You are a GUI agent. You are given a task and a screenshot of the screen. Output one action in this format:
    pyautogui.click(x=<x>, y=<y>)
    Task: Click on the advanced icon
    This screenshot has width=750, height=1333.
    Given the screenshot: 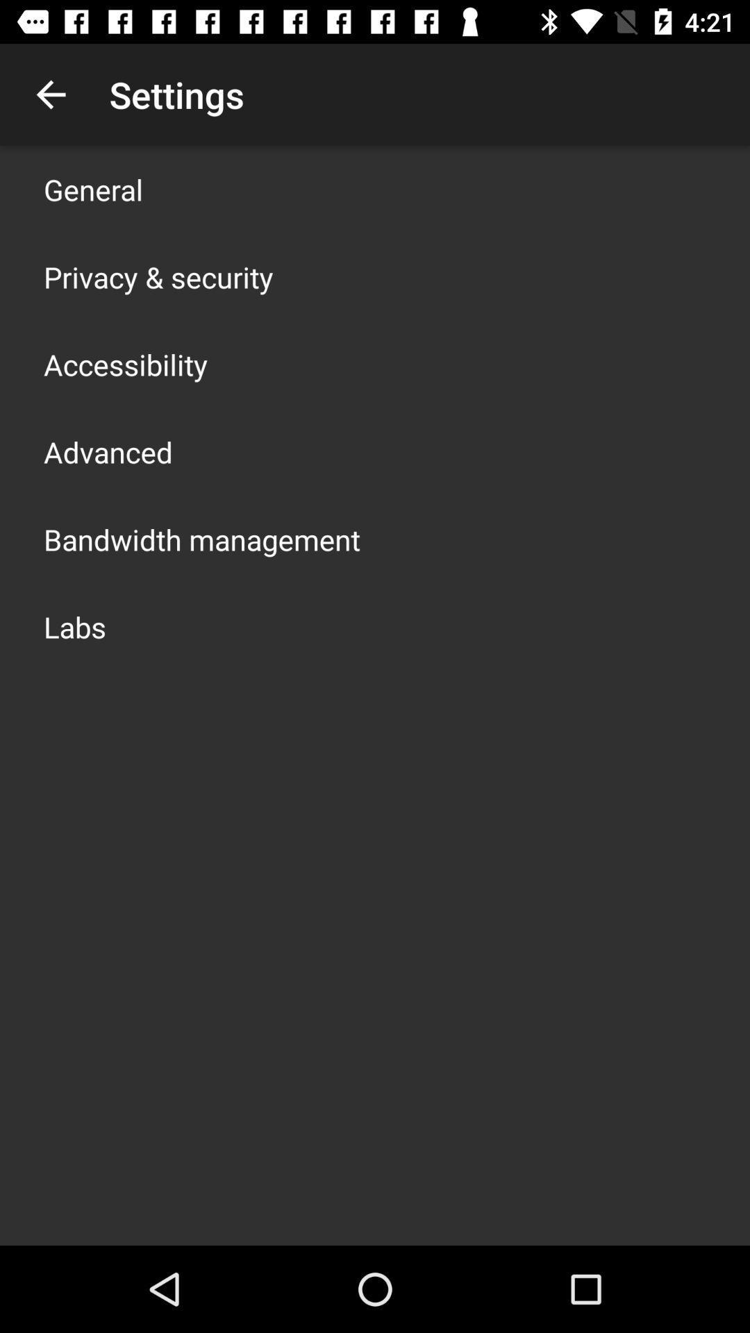 What is the action you would take?
    pyautogui.click(x=107, y=452)
    